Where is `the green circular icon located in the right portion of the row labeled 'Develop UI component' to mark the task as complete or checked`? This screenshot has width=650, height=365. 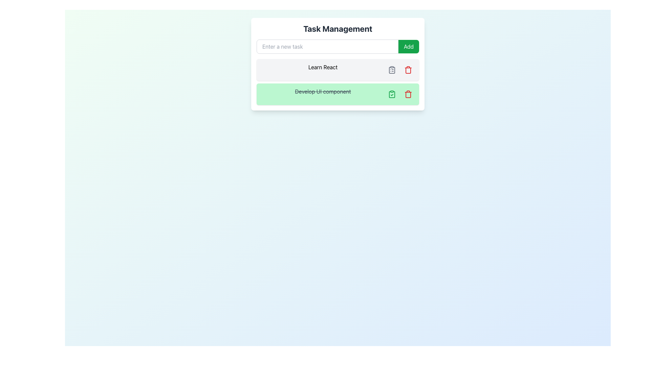
the green circular icon located in the right portion of the row labeled 'Develop UI component' to mark the task as complete or checked is located at coordinates (392, 94).